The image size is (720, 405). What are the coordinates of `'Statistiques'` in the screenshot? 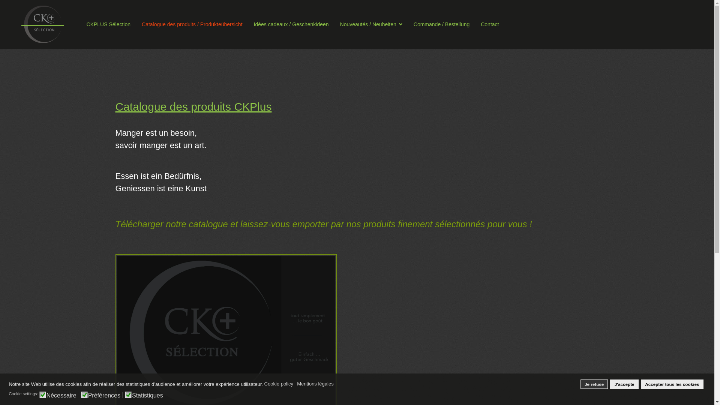 It's located at (132, 394).